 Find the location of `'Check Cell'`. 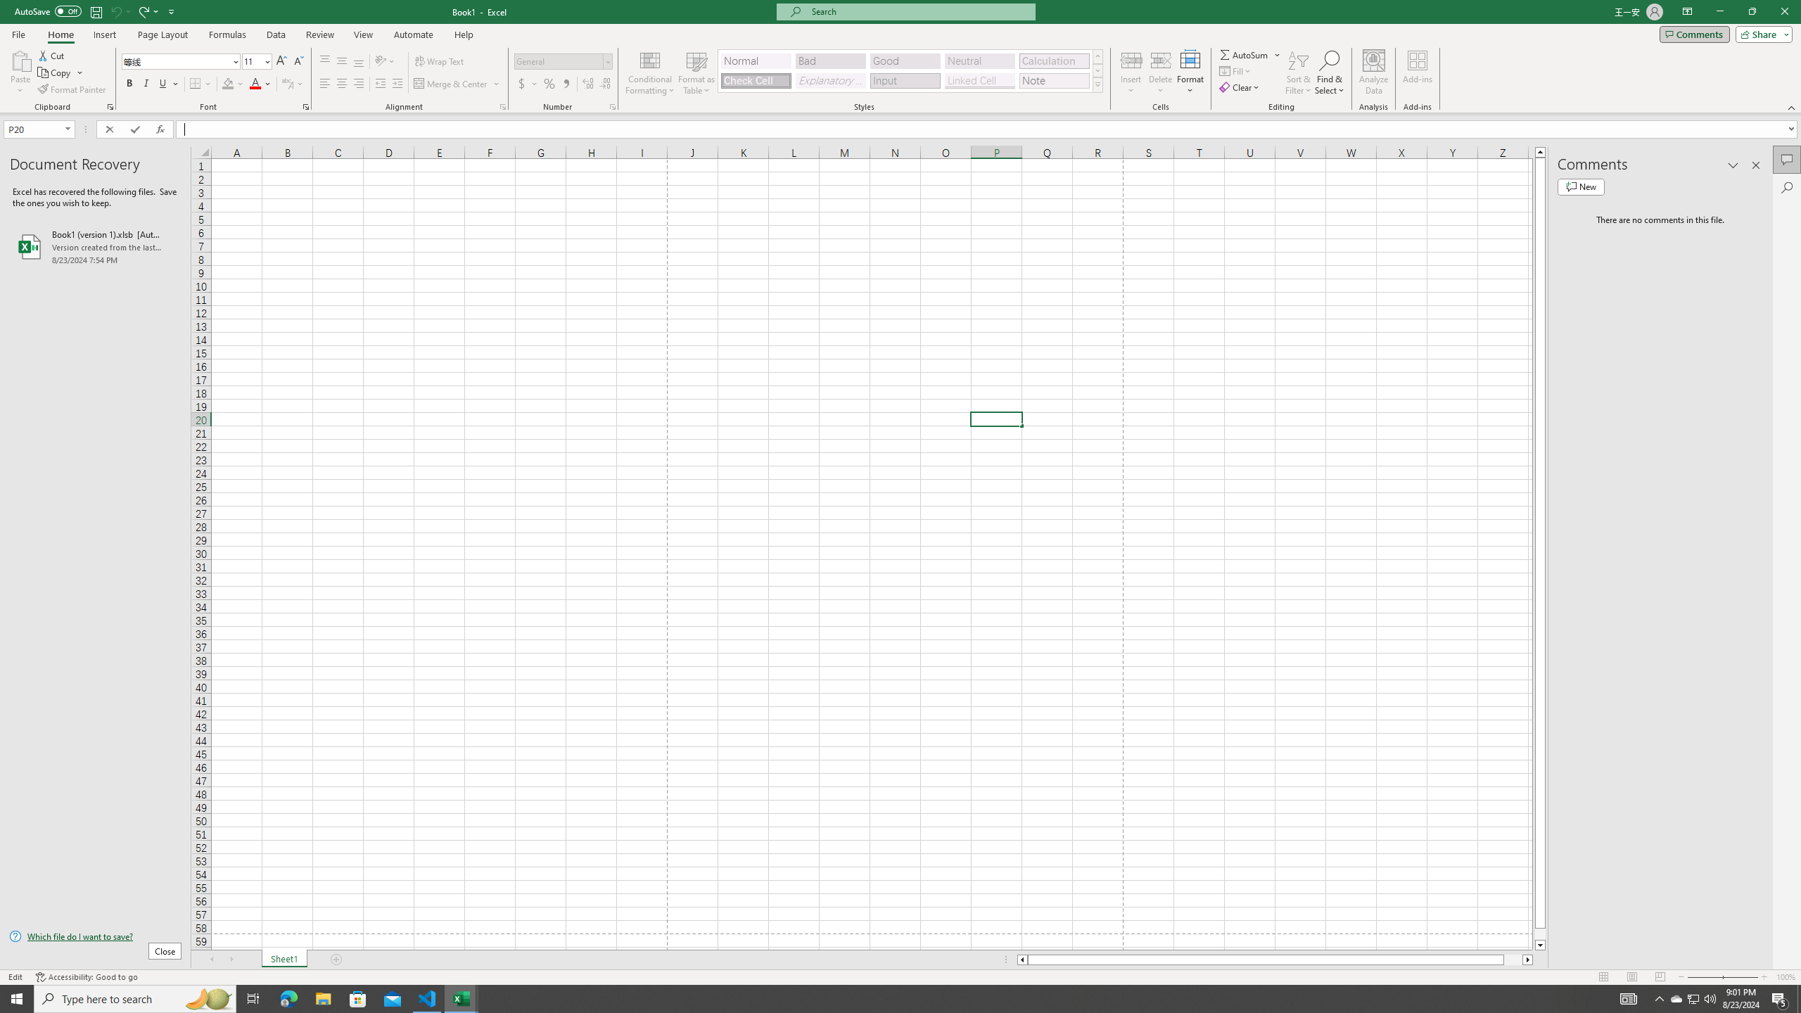

'Check Cell' is located at coordinates (756, 80).